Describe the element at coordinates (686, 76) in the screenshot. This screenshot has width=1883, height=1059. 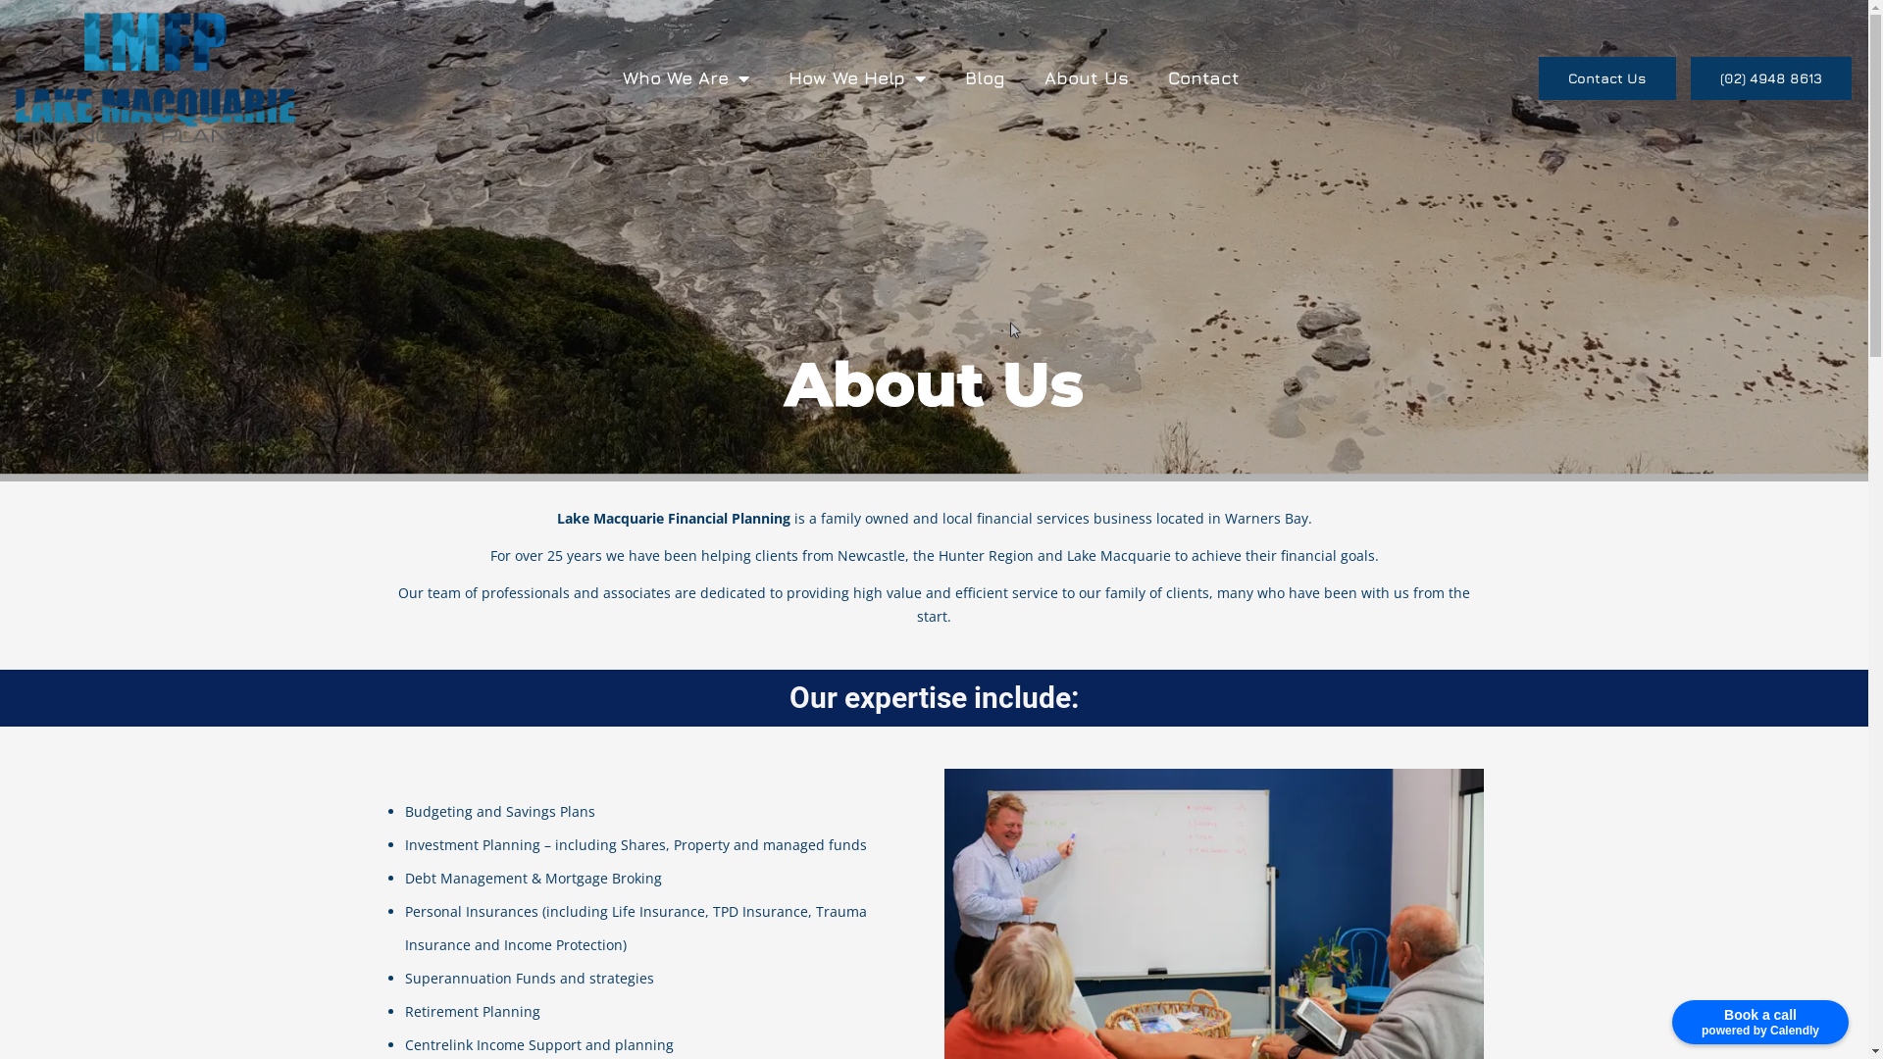
I see `'Who We Are'` at that location.